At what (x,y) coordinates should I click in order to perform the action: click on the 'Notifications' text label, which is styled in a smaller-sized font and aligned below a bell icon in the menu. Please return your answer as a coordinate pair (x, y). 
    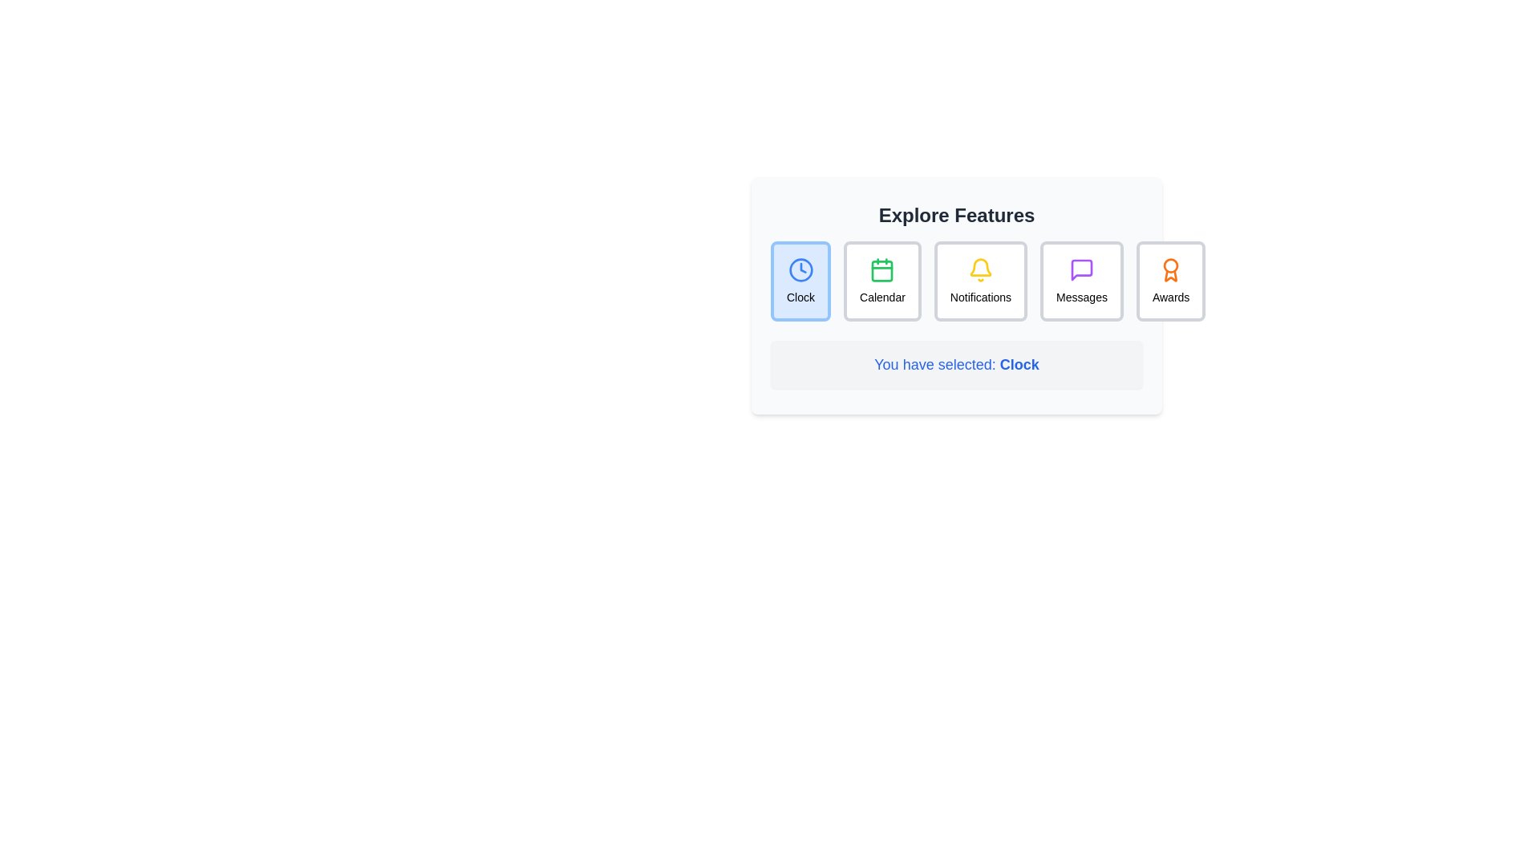
    Looking at the image, I should click on (980, 297).